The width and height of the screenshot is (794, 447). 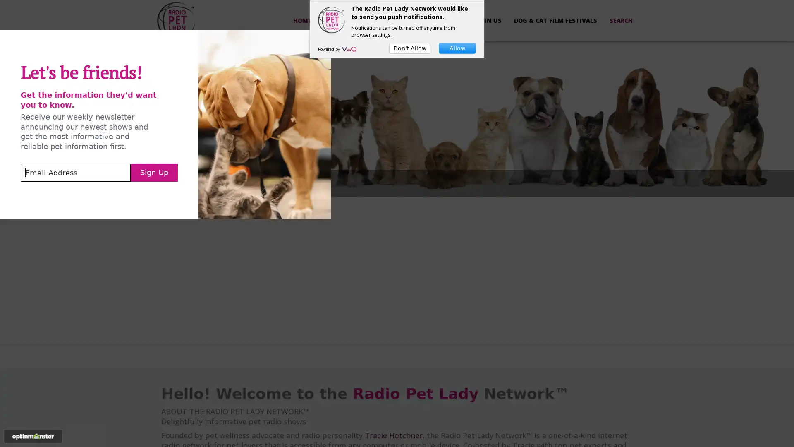 I want to click on Sign Up, so click(x=385, y=272).